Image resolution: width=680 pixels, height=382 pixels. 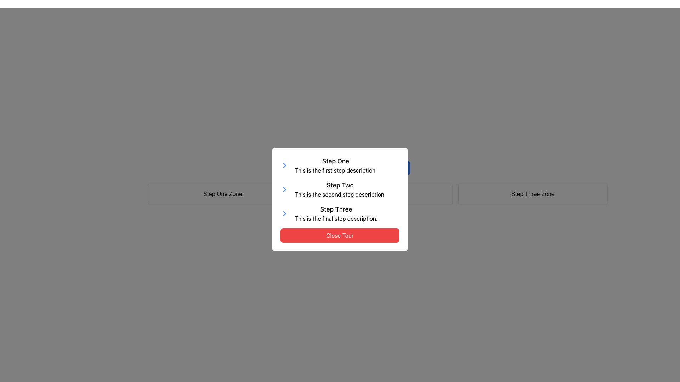 I want to click on descriptive text of the List item displaying the second step in a guided process, positioned in the middle of a vertical step list, below 'Step One' and above 'Step Three', so click(x=340, y=189).